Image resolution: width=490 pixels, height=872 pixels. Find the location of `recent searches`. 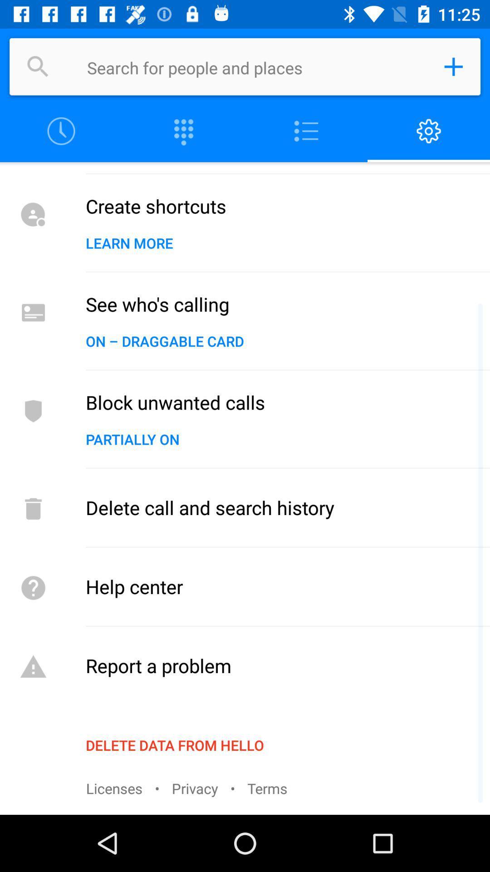

recent searches is located at coordinates (61, 131).